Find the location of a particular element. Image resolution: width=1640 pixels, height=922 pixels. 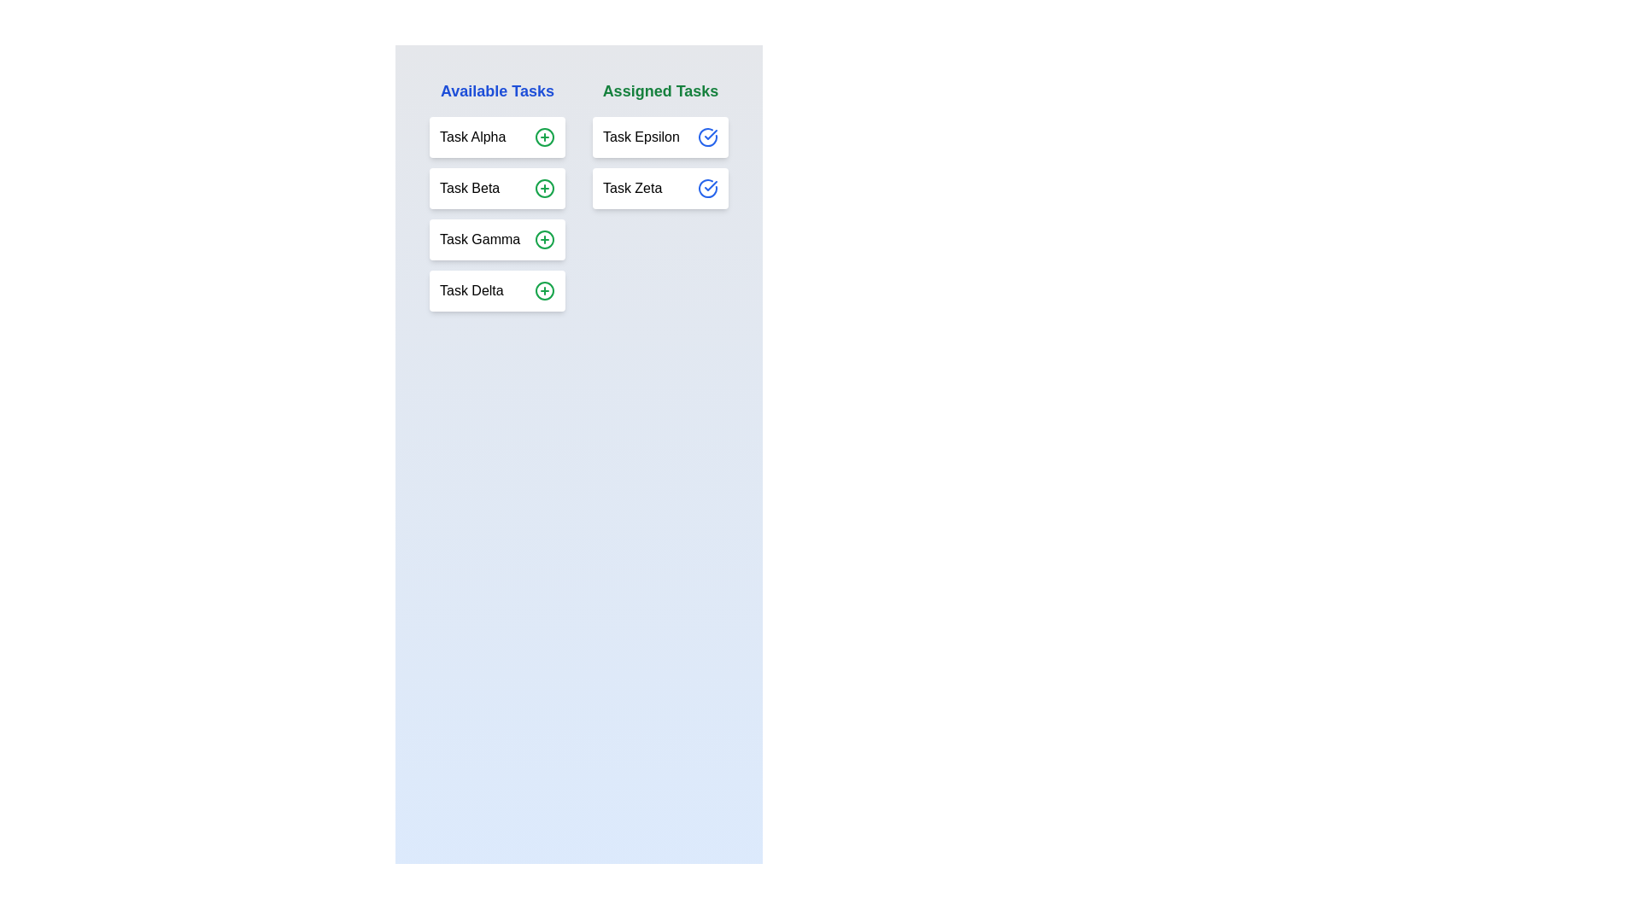

plus icon next to the task Task Beta to assign it is located at coordinates (544, 188).